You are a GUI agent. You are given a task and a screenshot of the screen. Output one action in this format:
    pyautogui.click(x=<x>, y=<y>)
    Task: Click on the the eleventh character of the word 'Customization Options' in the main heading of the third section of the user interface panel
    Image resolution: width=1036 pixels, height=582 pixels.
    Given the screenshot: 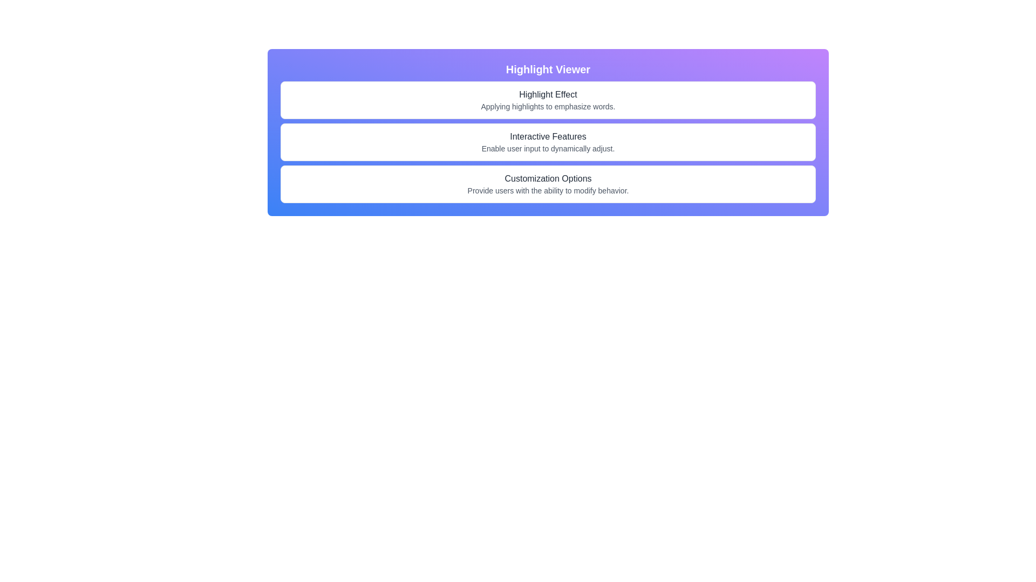 What is the action you would take?
    pyautogui.click(x=552, y=178)
    